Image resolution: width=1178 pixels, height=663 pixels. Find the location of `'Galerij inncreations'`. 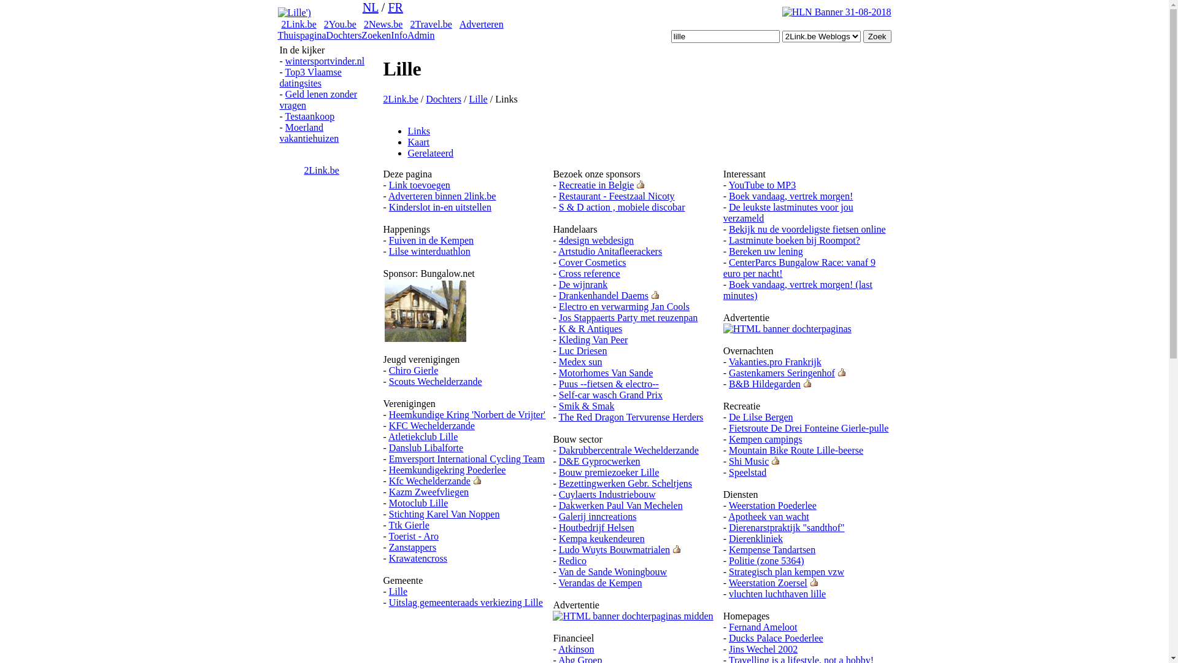

'Galerij inncreations' is located at coordinates (598, 516).